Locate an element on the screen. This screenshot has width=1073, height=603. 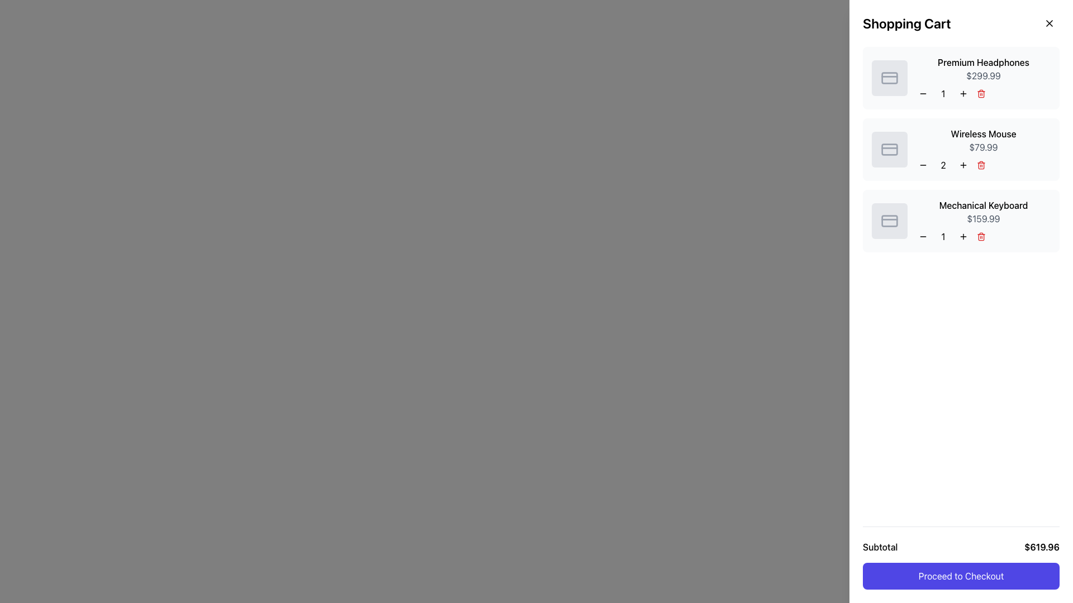
the small plus icon located in the shopping cart section for the 'Mechanical Keyboard' product to increase the quantity of the item is located at coordinates (962, 236).